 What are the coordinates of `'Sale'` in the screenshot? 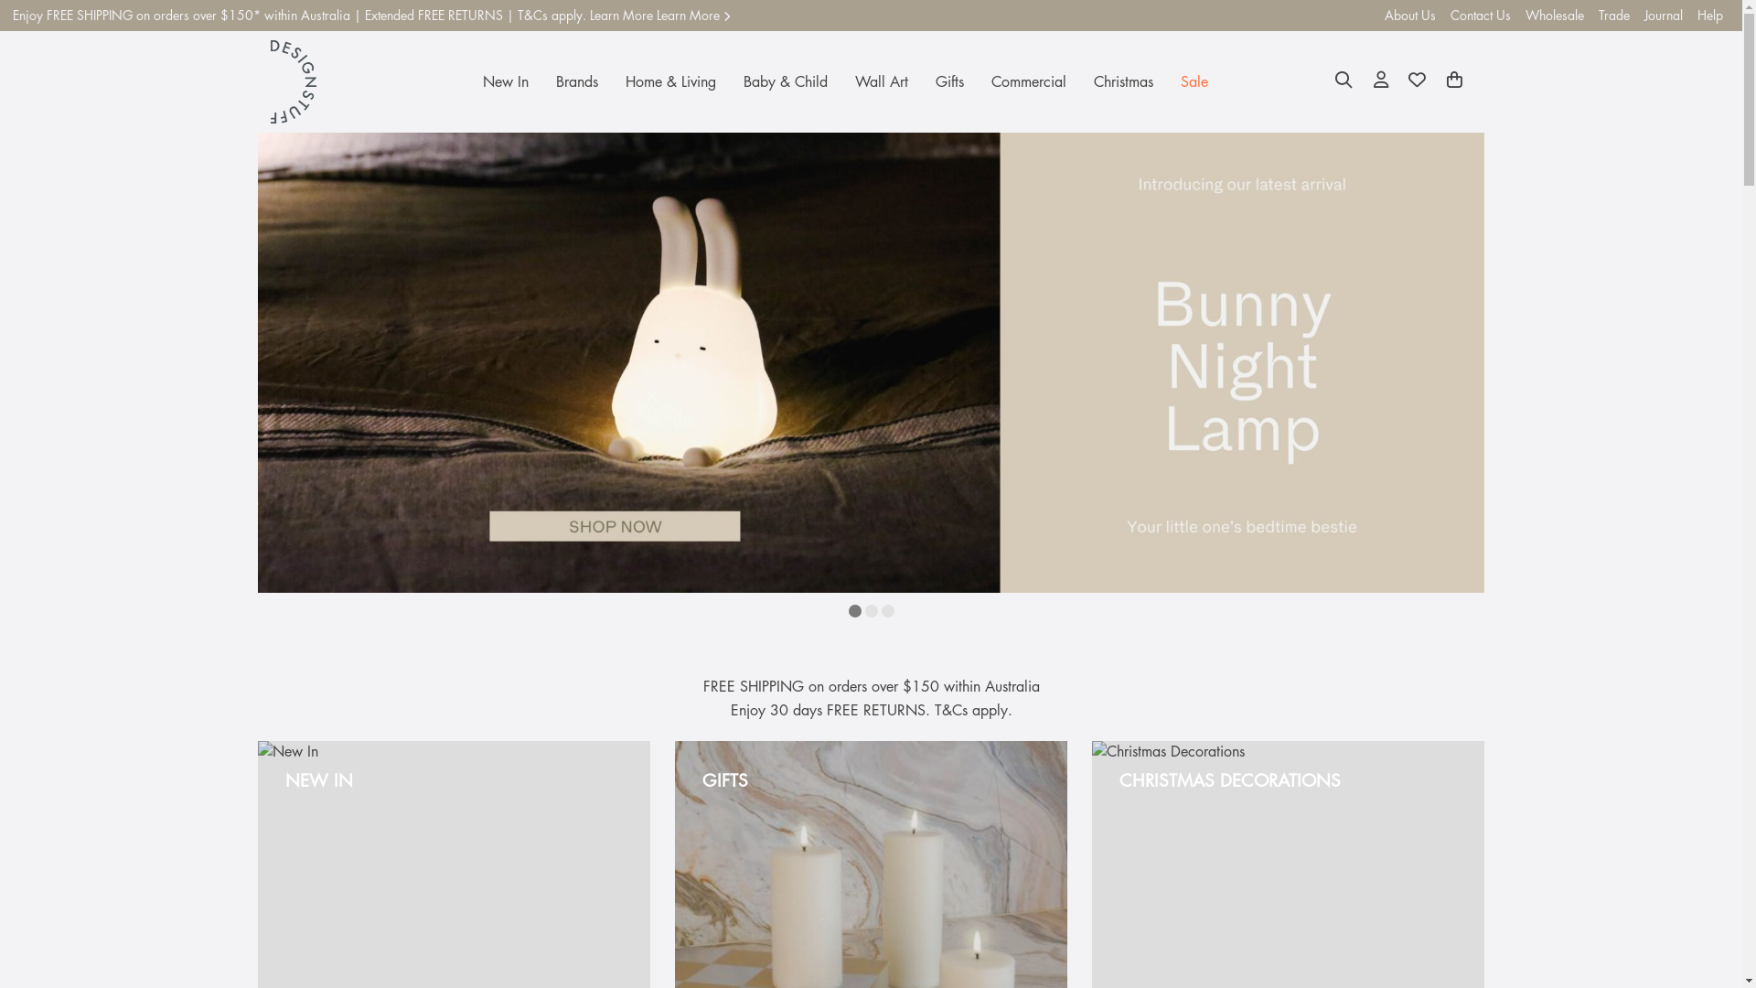 It's located at (1194, 81).